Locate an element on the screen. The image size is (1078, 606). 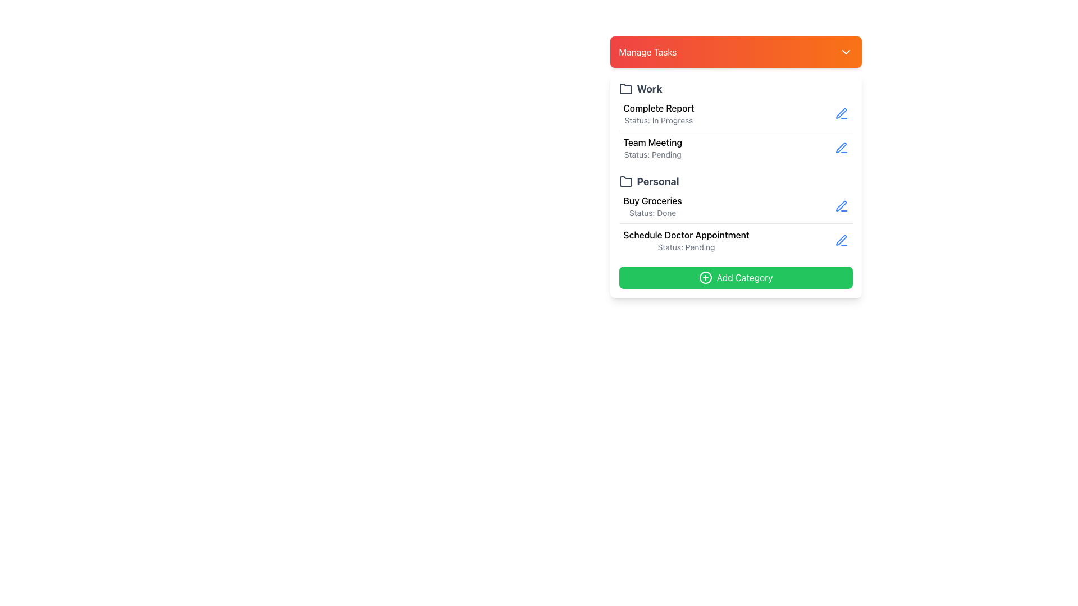
the 'Team Meeting' label, which is styled in a medium font size and bold typeface, located under the 'Work' category in the task management list interface is located at coordinates (652, 142).